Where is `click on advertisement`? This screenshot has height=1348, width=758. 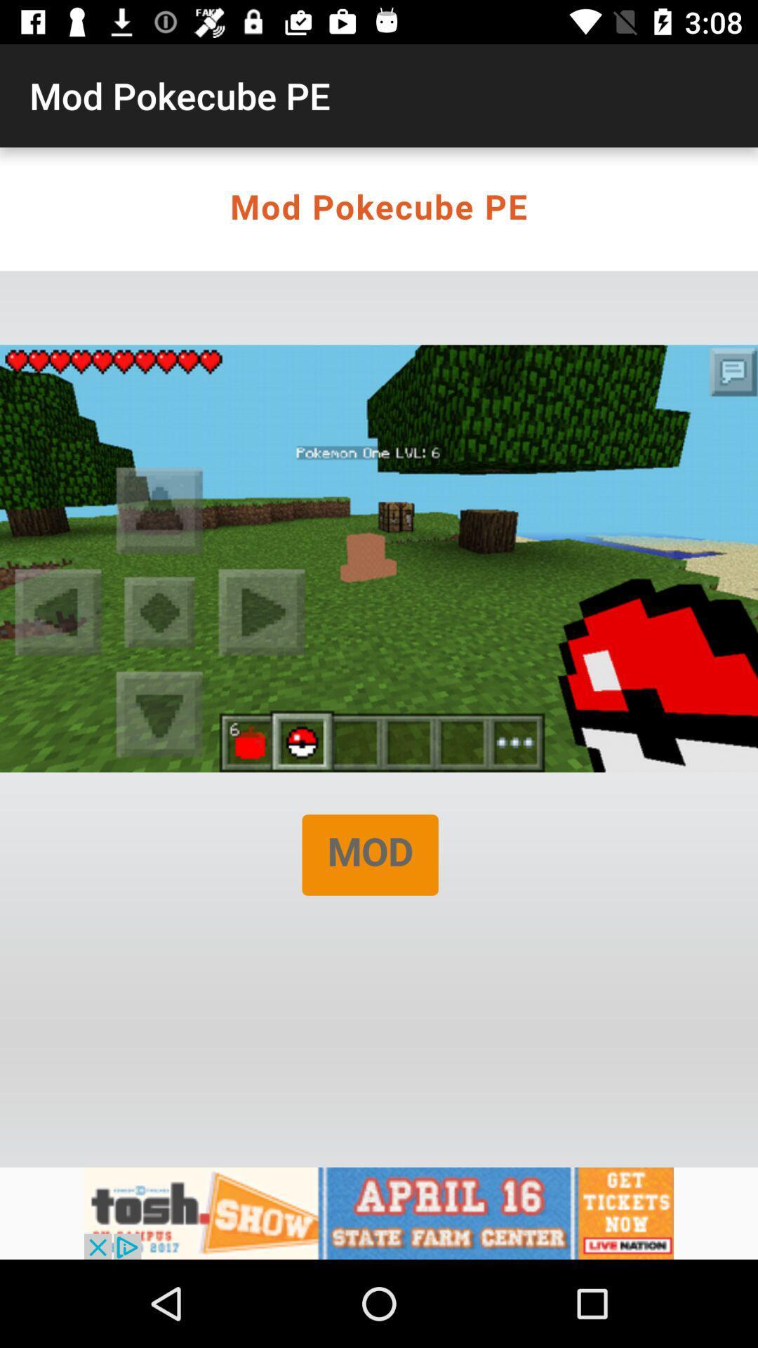 click on advertisement is located at coordinates (379, 1212).